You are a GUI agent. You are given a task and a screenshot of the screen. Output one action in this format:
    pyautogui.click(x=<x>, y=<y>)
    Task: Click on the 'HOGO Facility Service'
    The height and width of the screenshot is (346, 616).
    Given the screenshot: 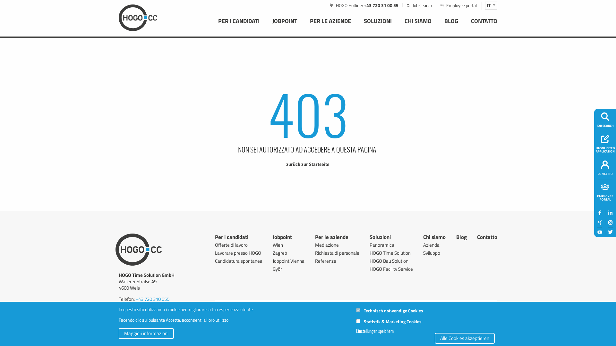 What is the action you would take?
    pyautogui.click(x=391, y=269)
    